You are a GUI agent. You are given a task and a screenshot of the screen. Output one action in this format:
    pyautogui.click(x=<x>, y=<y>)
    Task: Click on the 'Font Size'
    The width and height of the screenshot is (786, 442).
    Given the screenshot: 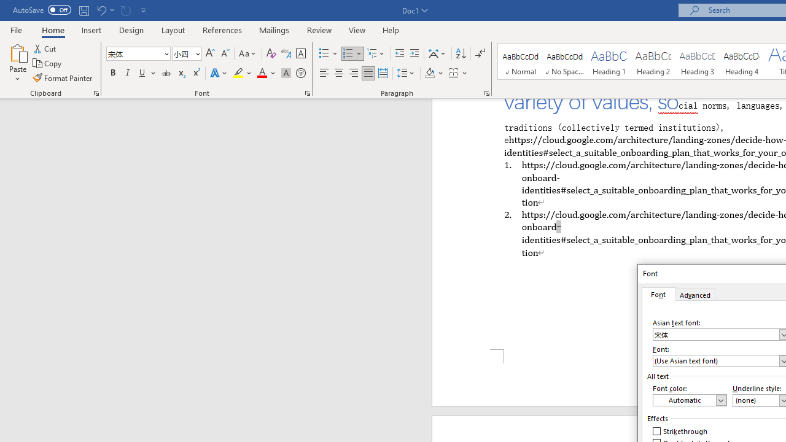 What is the action you would take?
    pyautogui.click(x=186, y=53)
    